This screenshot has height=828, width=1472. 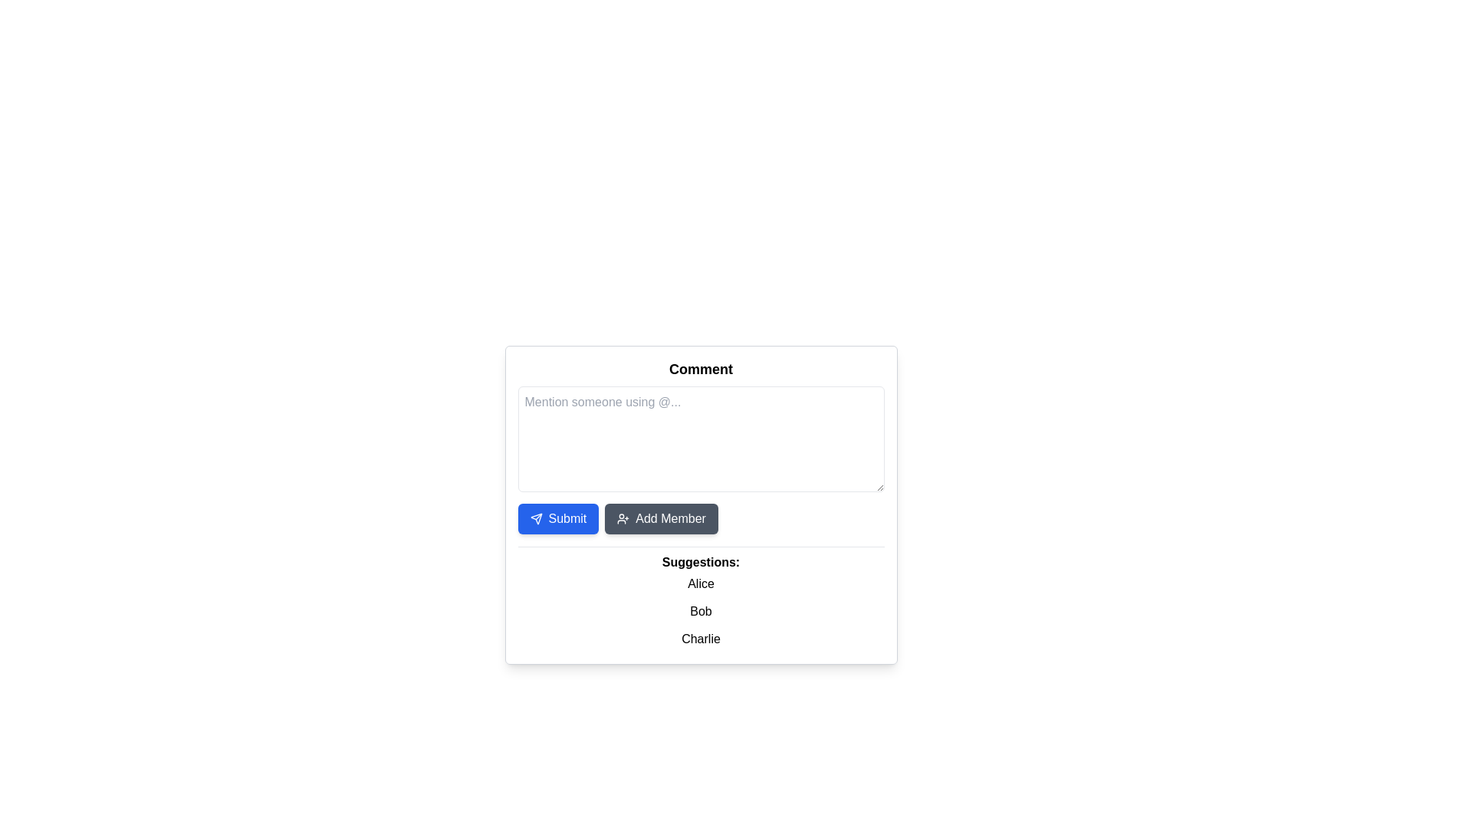 What do you see at coordinates (662, 518) in the screenshot?
I see `the second button from the left, located to the right of the blue 'Submit' button` at bounding box center [662, 518].